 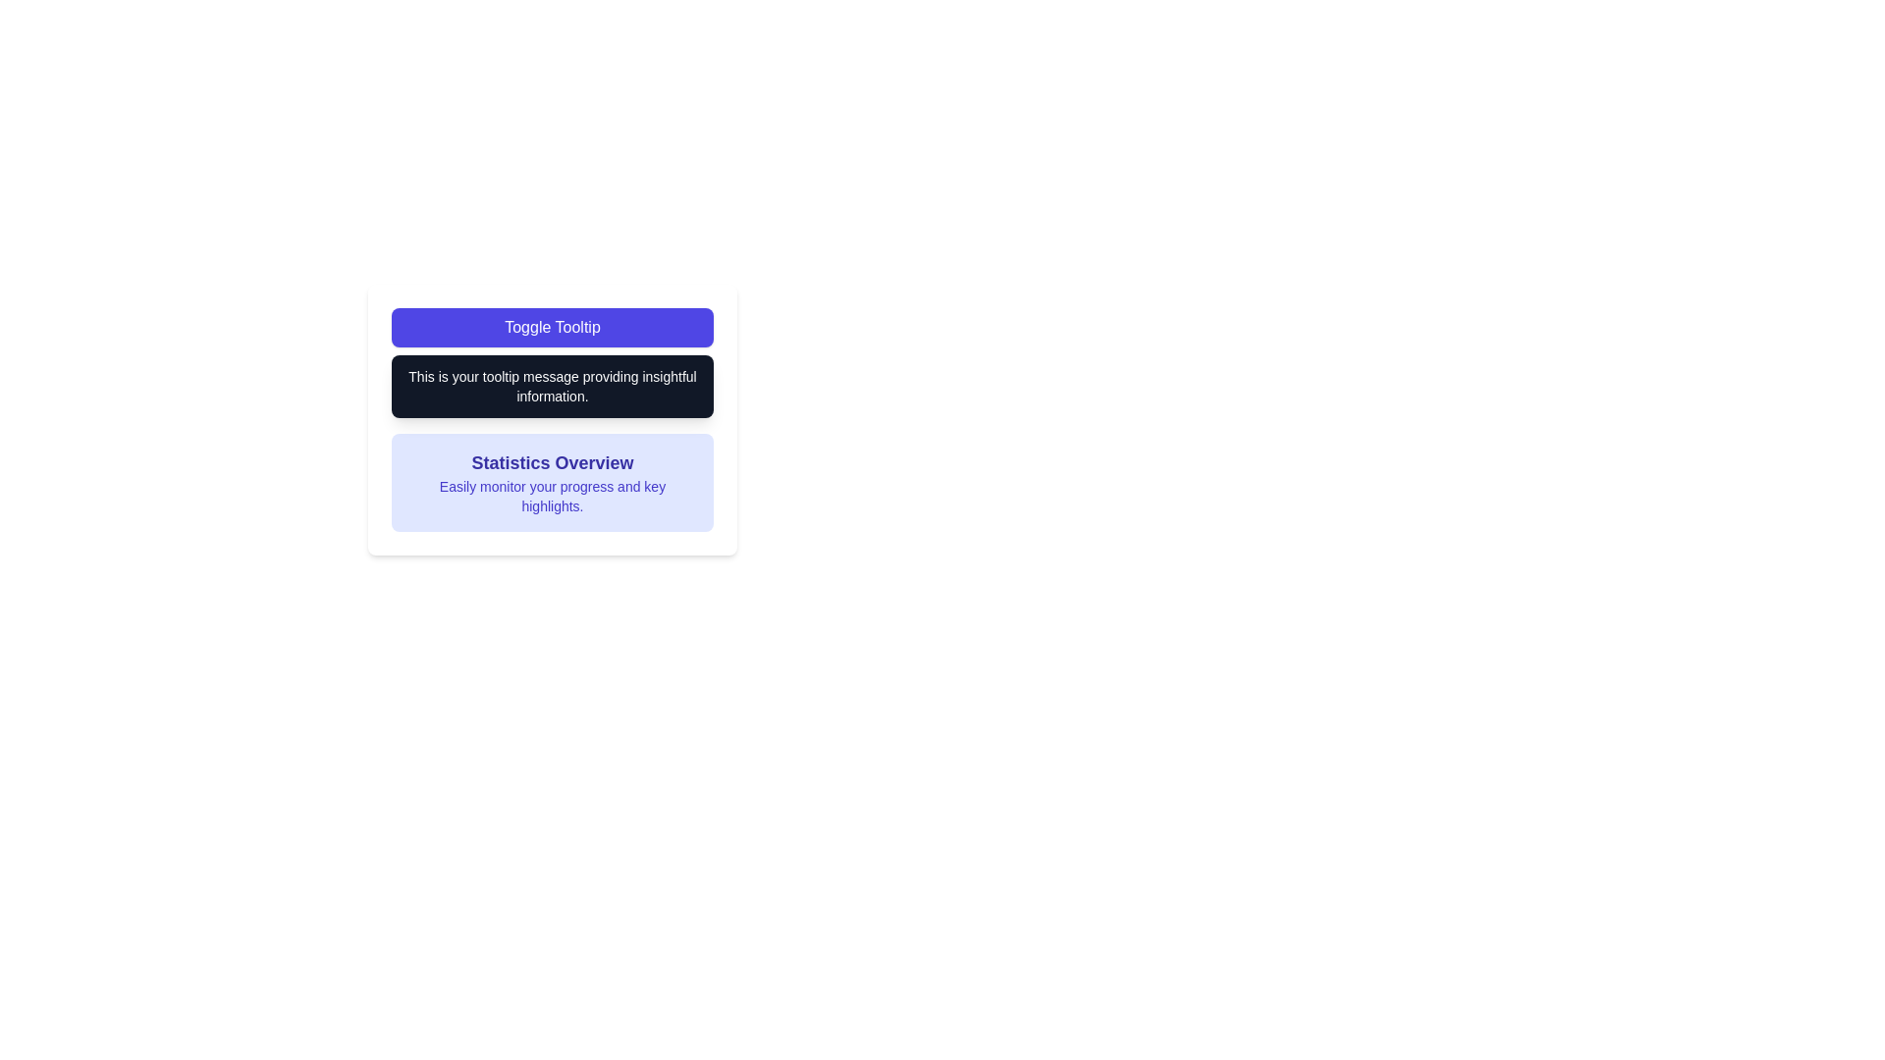 What do you see at coordinates (551, 327) in the screenshot?
I see `the rectangular button with a purple background and rounded corners labeled 'Toggle Tooltip'` at bounding box center [551, 327].